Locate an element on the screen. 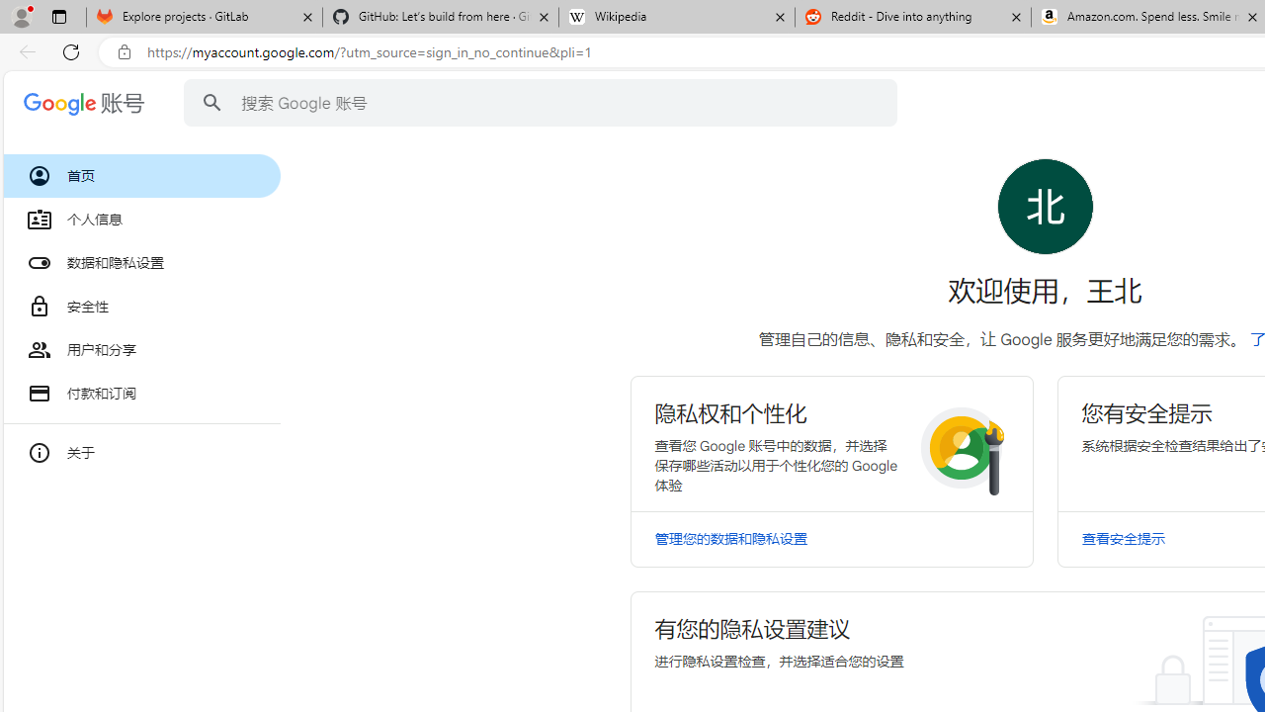 The height and width of the screenshot is (712, 1265). 'Wikipedia' is located at coordinates (676, 17).